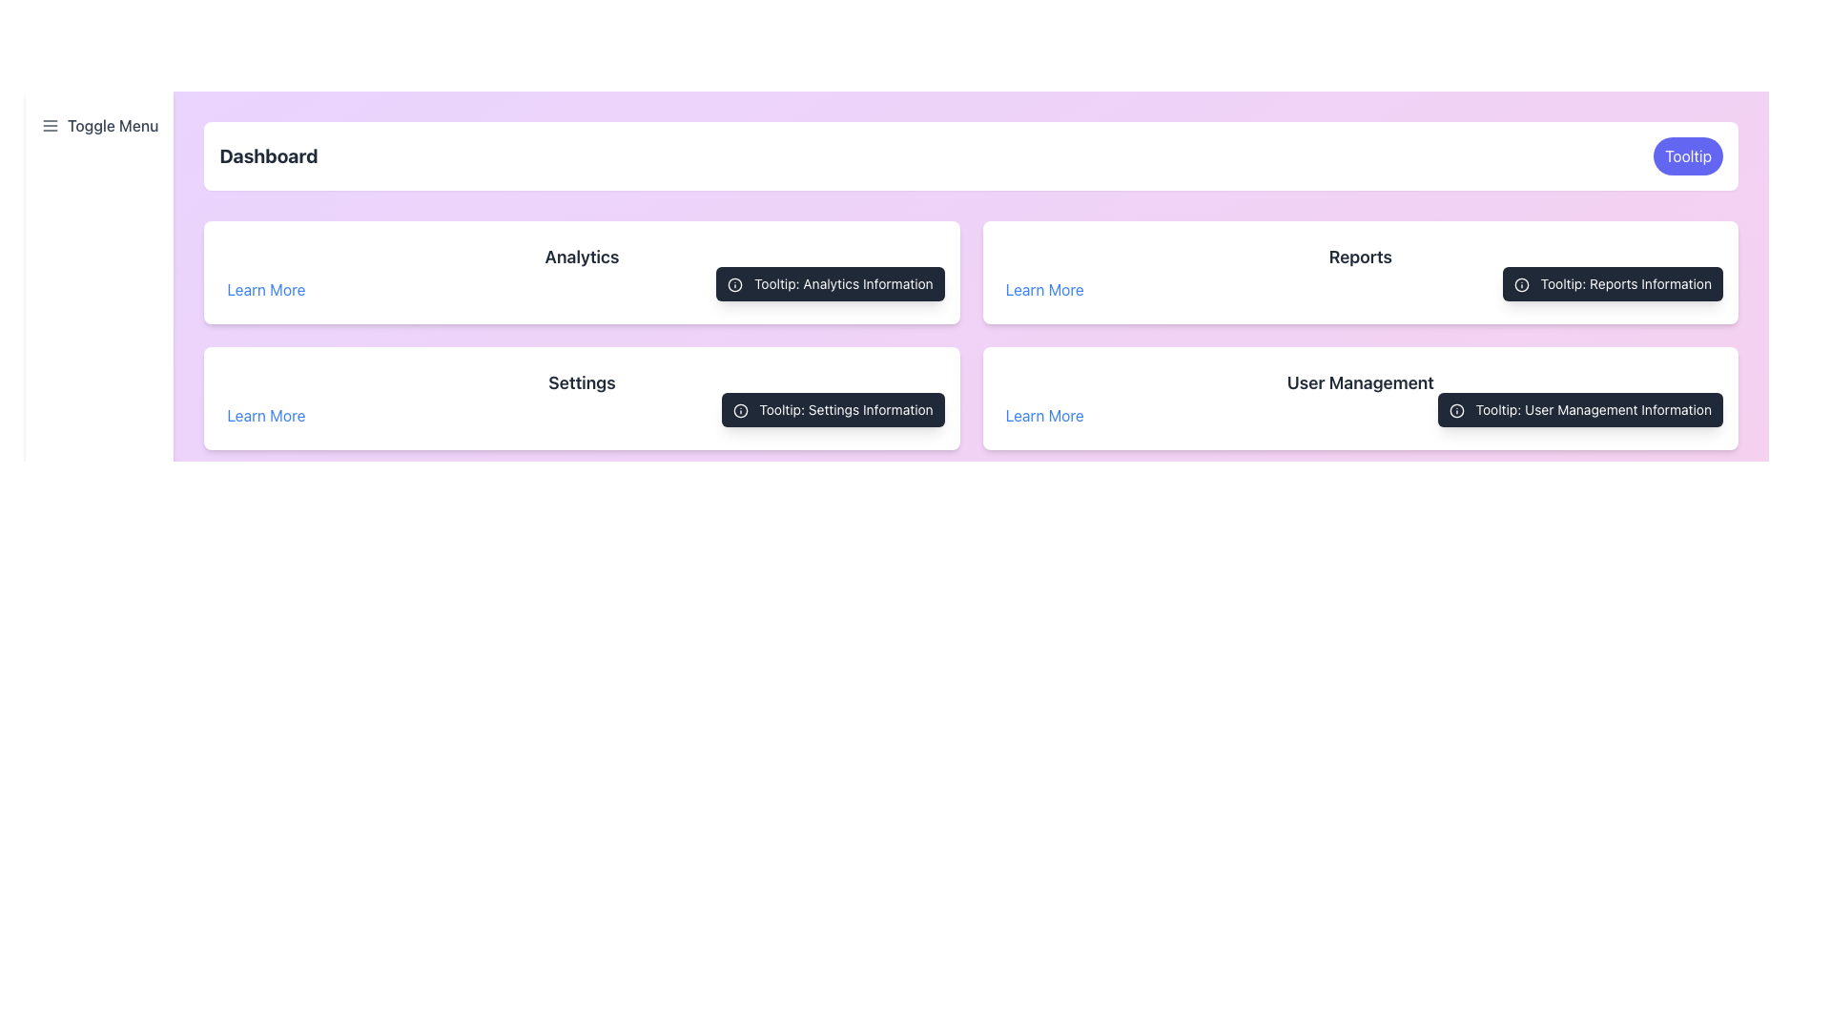 The height and width of the screenshot is (1030, 1831). Describe the element at coordinates (581, 382) in the screenshot. I see `the bold 'Settings' text label located centrally within the third card from the top in the column layout, which stands out in dark gray against a light background` at that location.